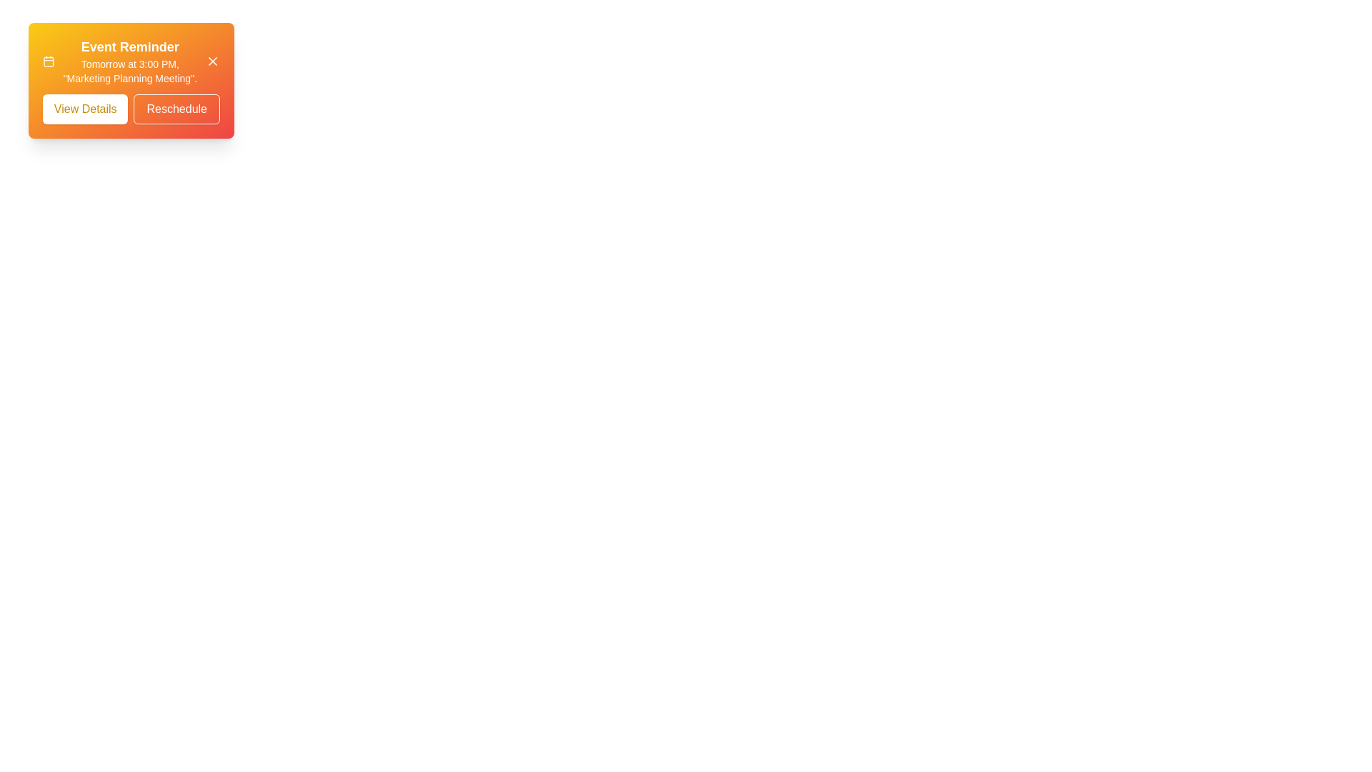  Describe the element at coordinates (175, 109) in the screenshot. I see `'Reschedule' button to reschedule the event` at that location.